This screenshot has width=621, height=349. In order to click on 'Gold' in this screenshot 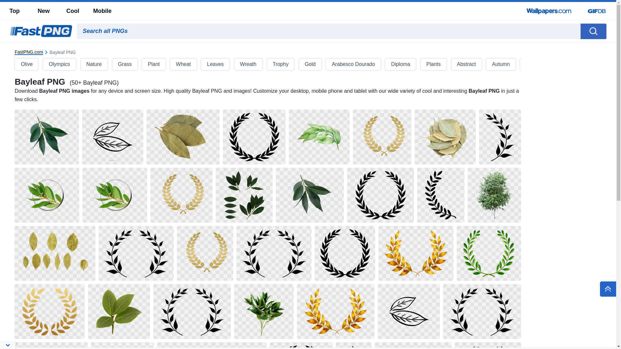, I will do `click(310, 64)`.